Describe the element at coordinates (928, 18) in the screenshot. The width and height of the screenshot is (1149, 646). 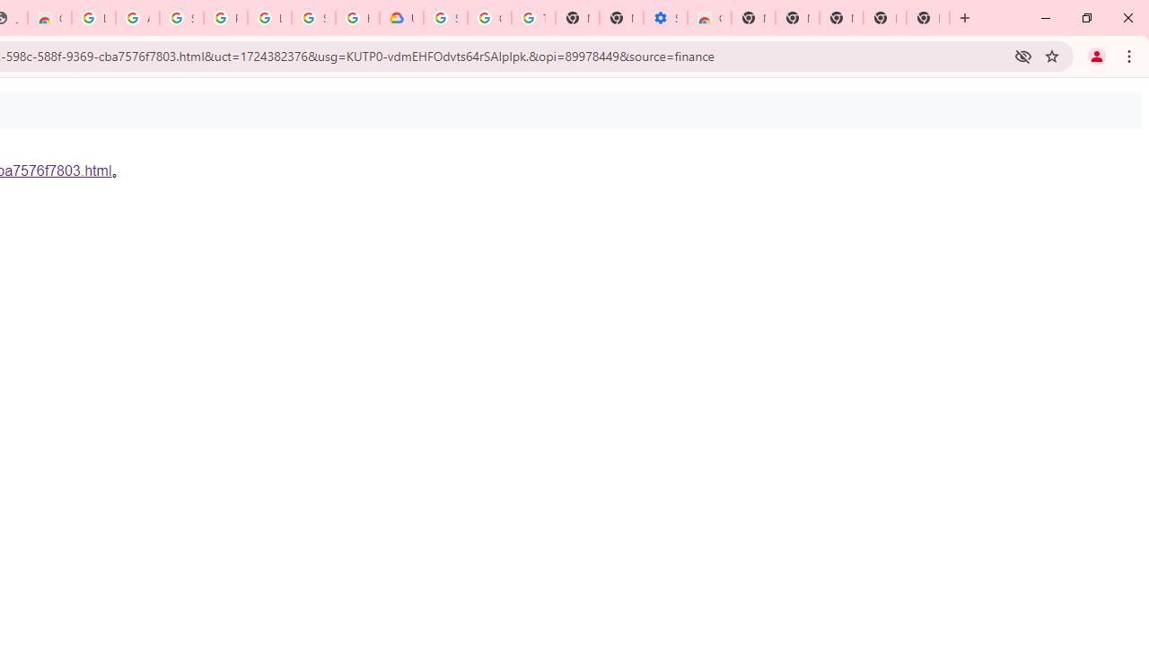
I see `'New Tab'` at that location.